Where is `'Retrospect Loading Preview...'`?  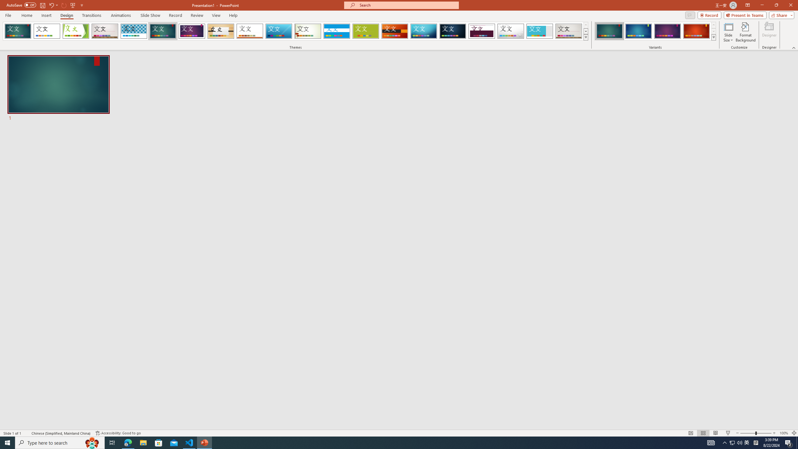
'Retrospect Loading Preview...' is located at coordinates (249, 31).